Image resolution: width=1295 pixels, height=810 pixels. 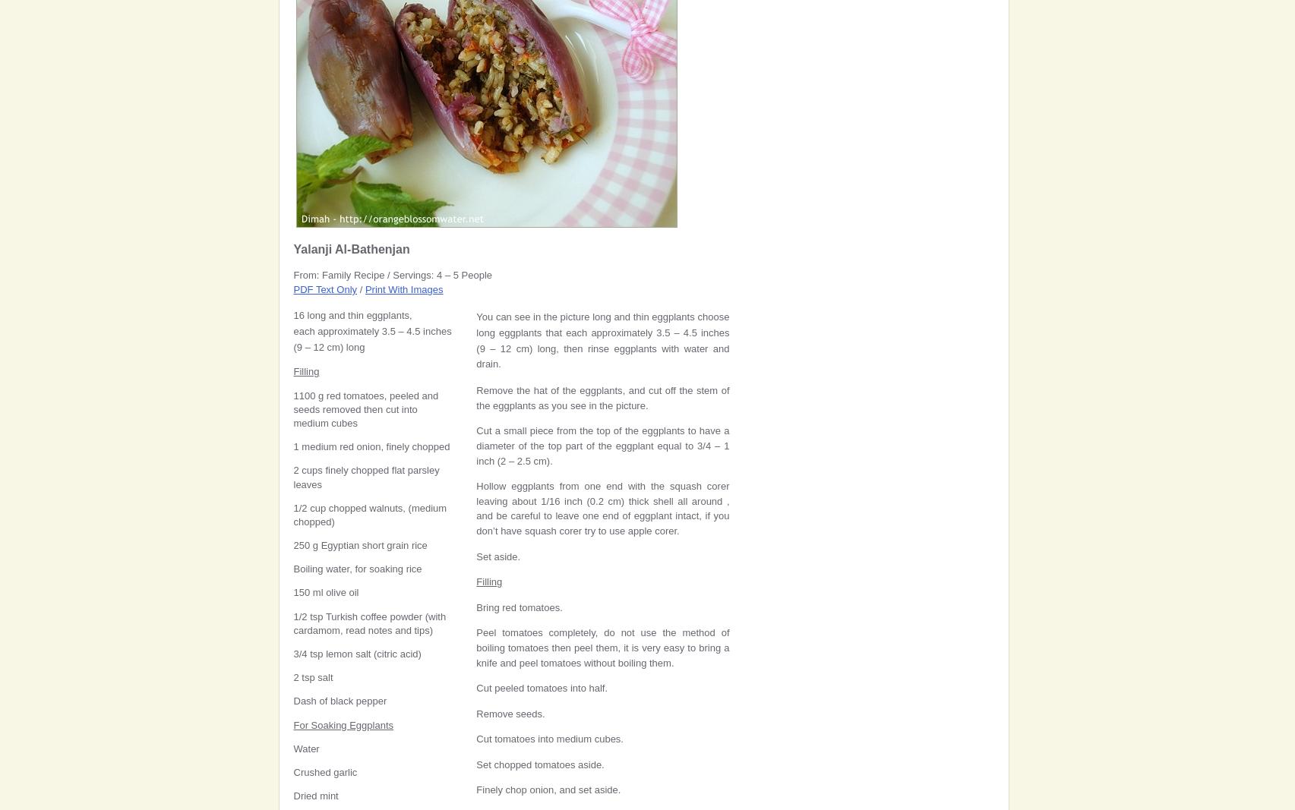 What do you see at coordinates (324, 288) in the screenshot?
I see `'PDF Text Only'` at bounding box center [324, 288].